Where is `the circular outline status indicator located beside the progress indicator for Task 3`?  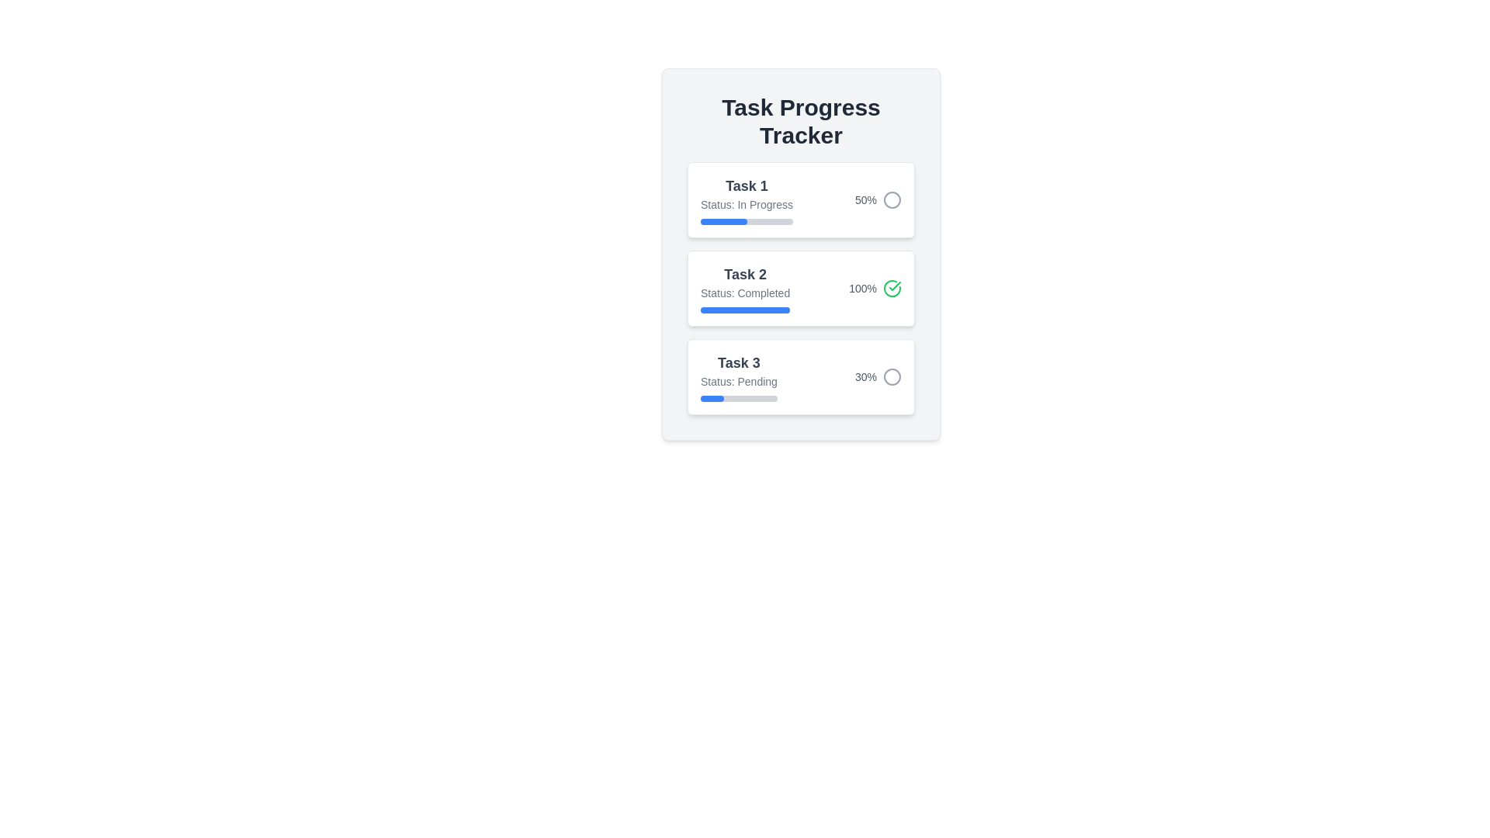
the circular outline status indicator located beside the progress indicator for Task 3 is located at coordinates (892, 377).